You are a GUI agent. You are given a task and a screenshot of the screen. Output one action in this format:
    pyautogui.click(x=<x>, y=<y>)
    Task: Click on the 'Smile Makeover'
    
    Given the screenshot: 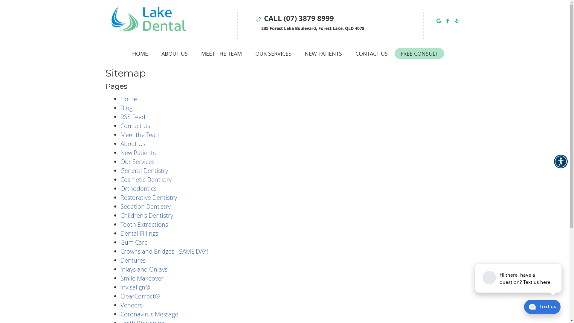 What is the action you would take?
    pyautogui.click(x=141, y=278)
    